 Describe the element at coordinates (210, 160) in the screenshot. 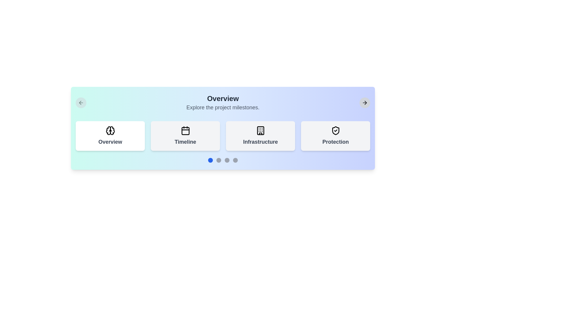

I see `the highlighted blue circular navigation indicator in the carousel, which is the leftmost dot positioned in the lower-central part of the interface` at that location.